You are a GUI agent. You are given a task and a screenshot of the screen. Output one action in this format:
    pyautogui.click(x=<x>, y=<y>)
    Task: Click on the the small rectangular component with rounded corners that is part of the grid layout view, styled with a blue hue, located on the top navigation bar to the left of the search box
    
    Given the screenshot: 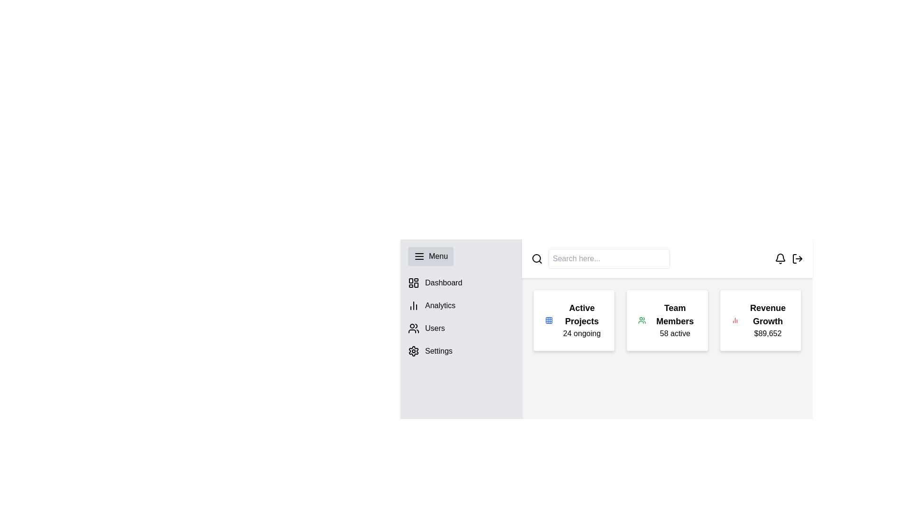 What is the action you would take?
    pyautogui.click(x=549, y=320)
    